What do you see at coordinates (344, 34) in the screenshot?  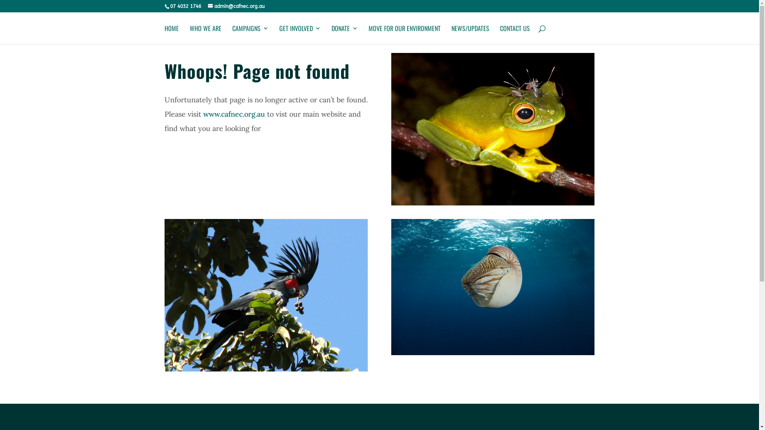 I see `'DONATE'` at bounding box center [344, 34].